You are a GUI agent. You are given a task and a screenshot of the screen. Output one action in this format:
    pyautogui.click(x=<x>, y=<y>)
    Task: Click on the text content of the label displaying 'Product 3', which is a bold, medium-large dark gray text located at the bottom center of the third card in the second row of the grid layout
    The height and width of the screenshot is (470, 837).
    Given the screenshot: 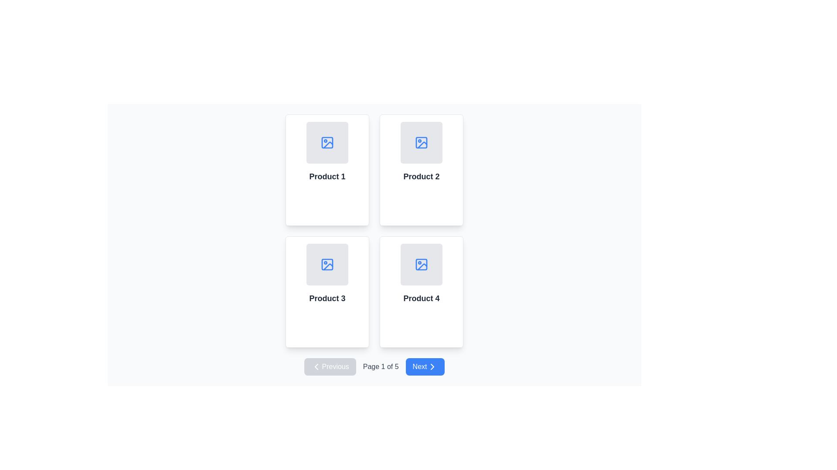 What is the action you would take?
    pyautogui.click(x=327, y=298)
    